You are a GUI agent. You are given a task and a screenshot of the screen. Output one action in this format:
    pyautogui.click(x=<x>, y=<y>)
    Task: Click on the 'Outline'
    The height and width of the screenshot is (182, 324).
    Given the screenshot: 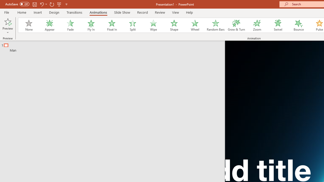 What is the action you would take?
    pyautogui.click(x=114, y=47)
    